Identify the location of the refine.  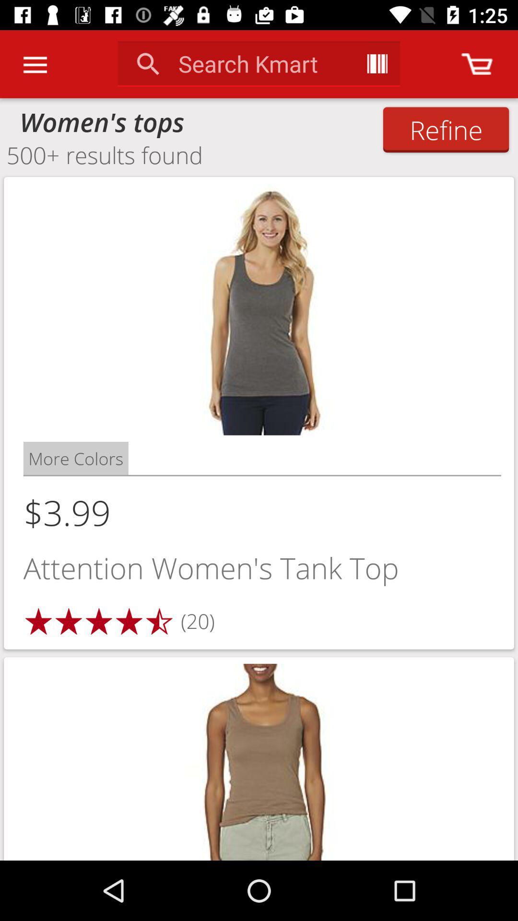
(446, 129).